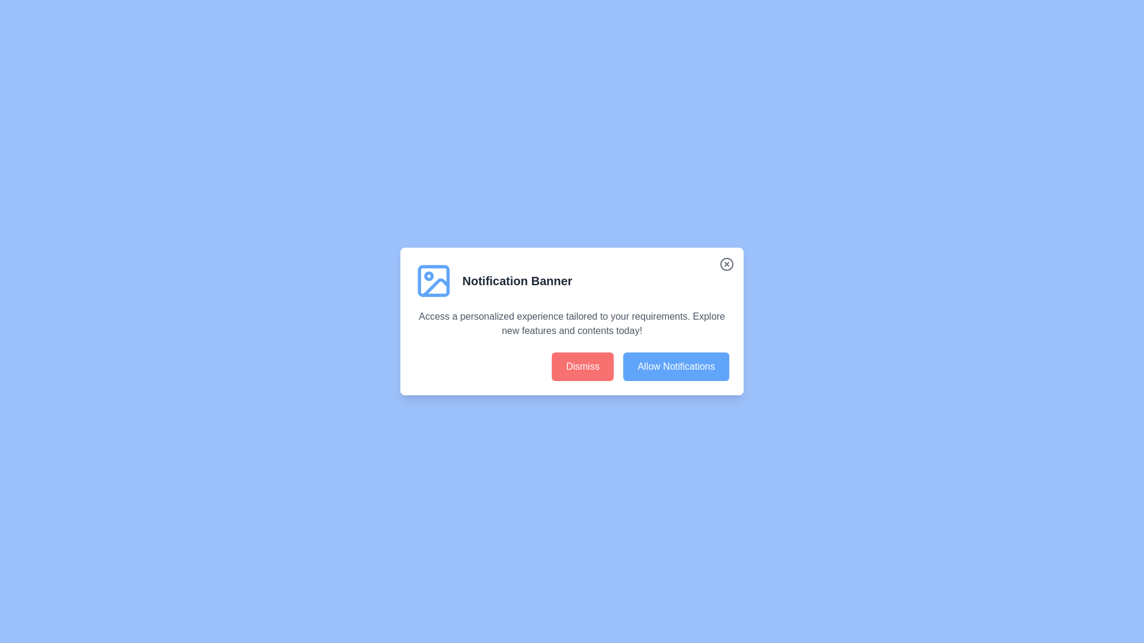 The width and height of the screenshot is (1144, 643). Describe the element at coordinates (433, 280) in the screenshot. I see `the icon at the top-left of the banner to interact with the banner's image` at that location.